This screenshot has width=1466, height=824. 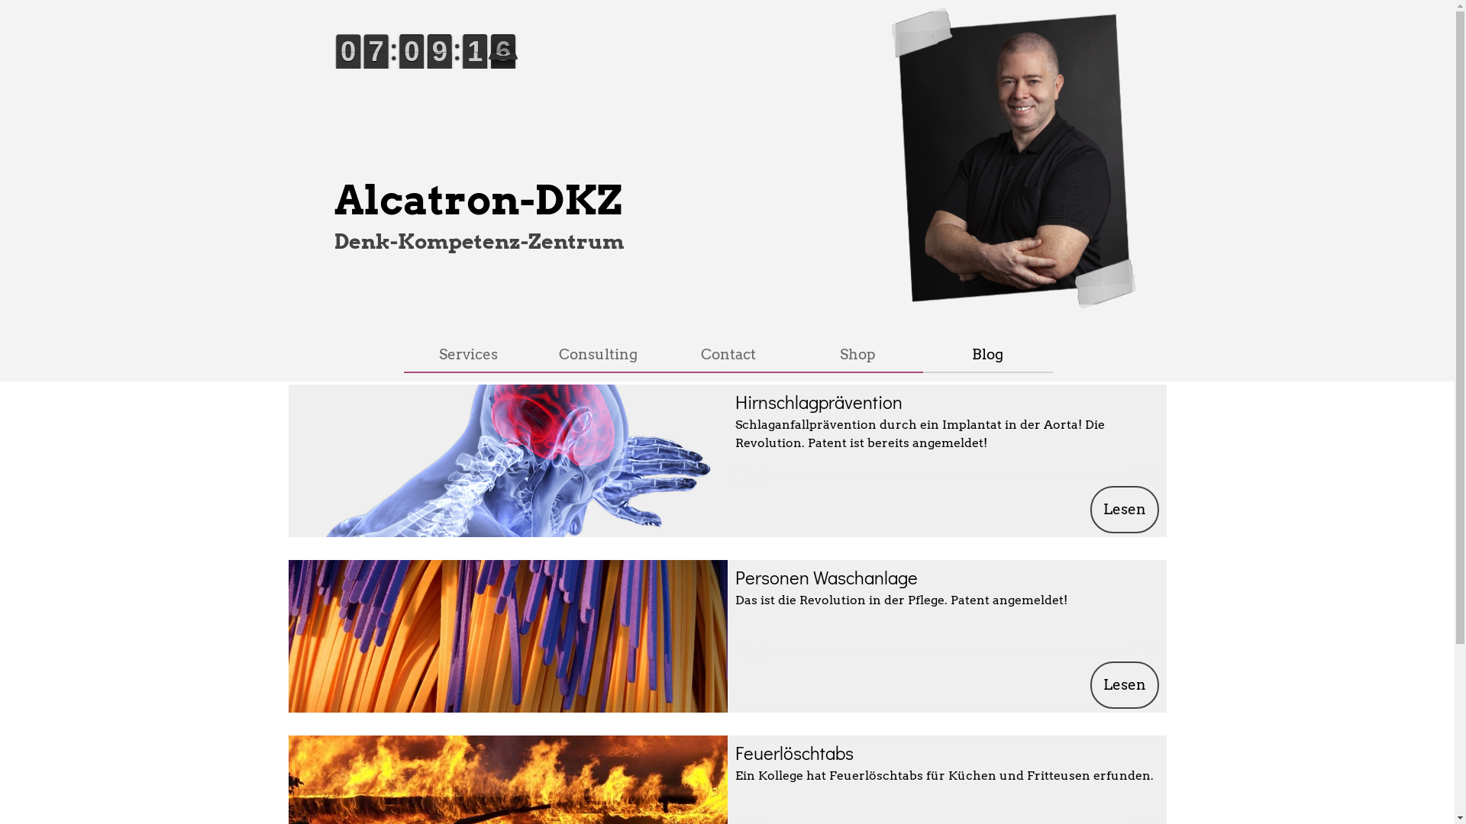 What do you see at coordinates (1090, 509) in the screenshot?
I see `'Lesen'` at bounding box center [1090, 509].